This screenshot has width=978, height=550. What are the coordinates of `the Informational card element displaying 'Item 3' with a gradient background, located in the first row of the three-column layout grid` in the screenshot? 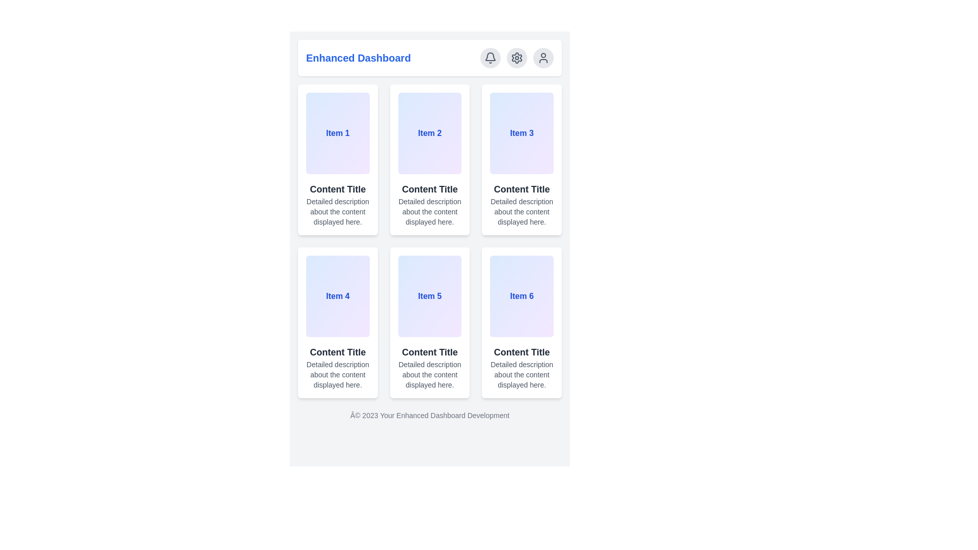 It's located at (522, 159).